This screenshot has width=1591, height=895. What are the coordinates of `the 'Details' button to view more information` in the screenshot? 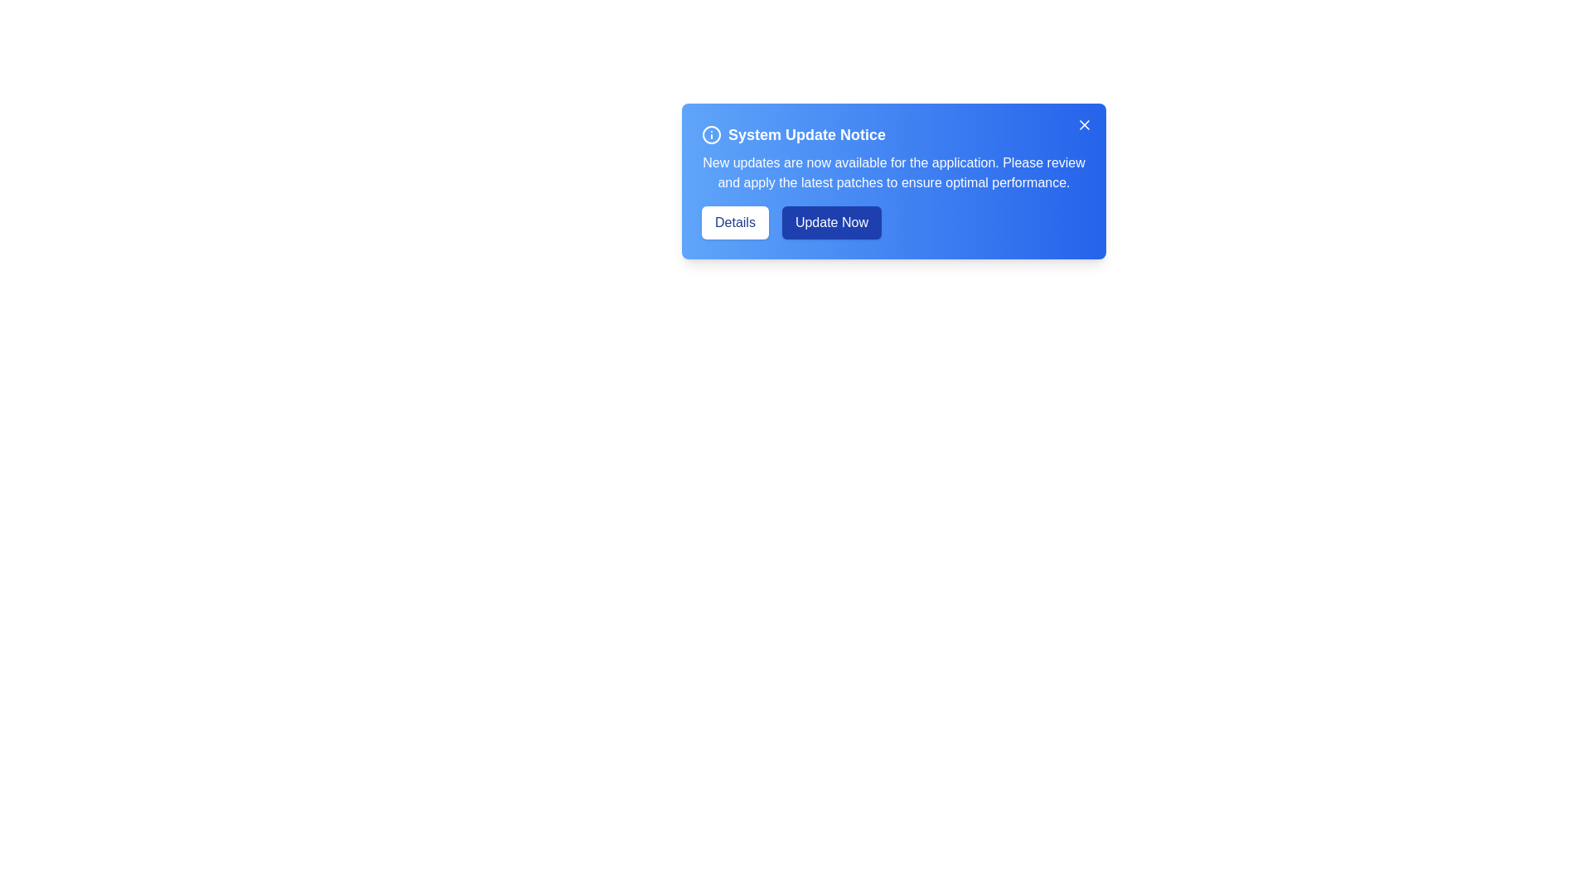 It's located at (734, 222).